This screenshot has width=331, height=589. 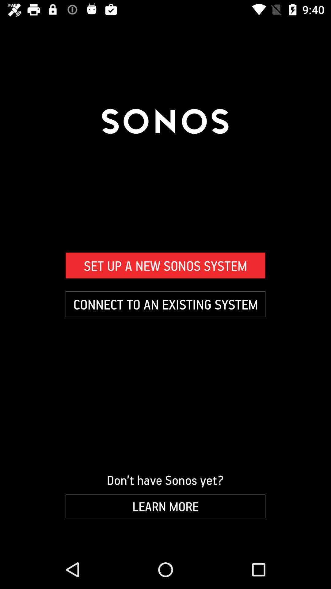 What do you see at coordinates (165, 506) in the screenshot?
I see `the item below don t have item` at bounding box center [165, 506].